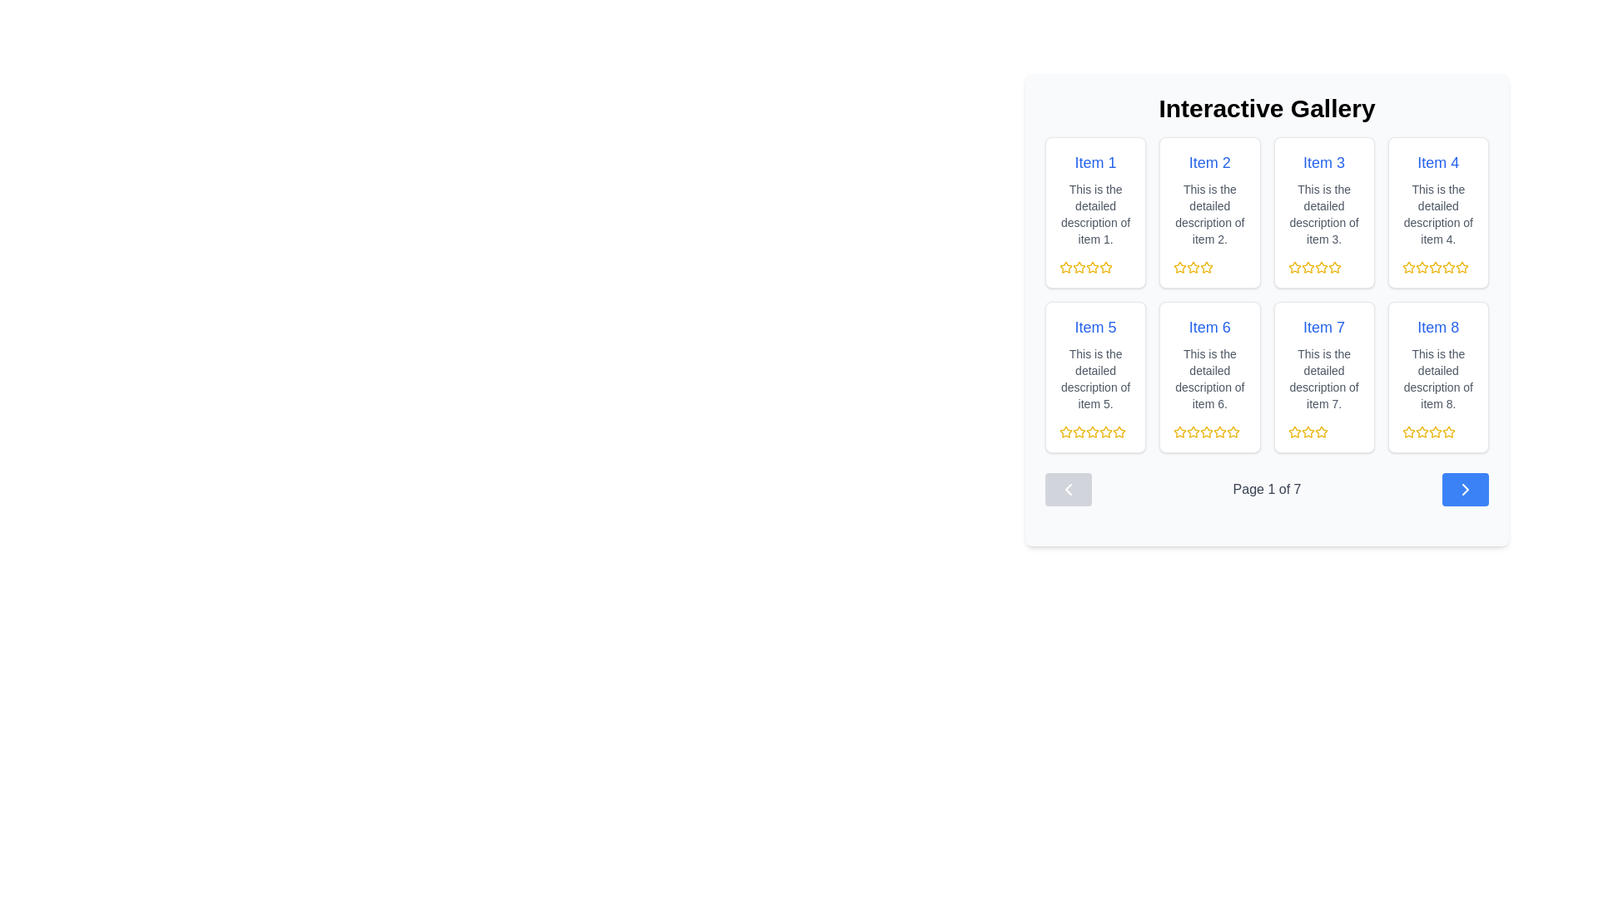 Image resolution: width=1598 pixels, height=898 pixels. I want to click on the highlighted third star in the Rating stars interface located at the bottom of the 'Item 7' card to set the rating, so click(1323, 432).